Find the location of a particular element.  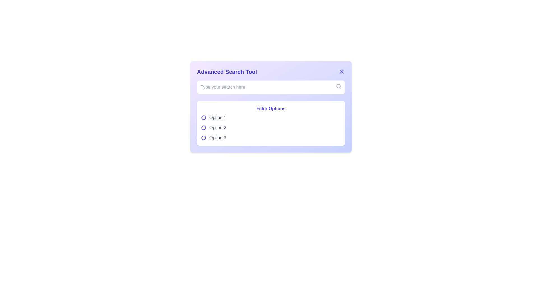

the Text label that describes the radio button input in the 'Filter Options' section of the modal window, positioned above 'Option 2' is located at coordinates (217, 117).